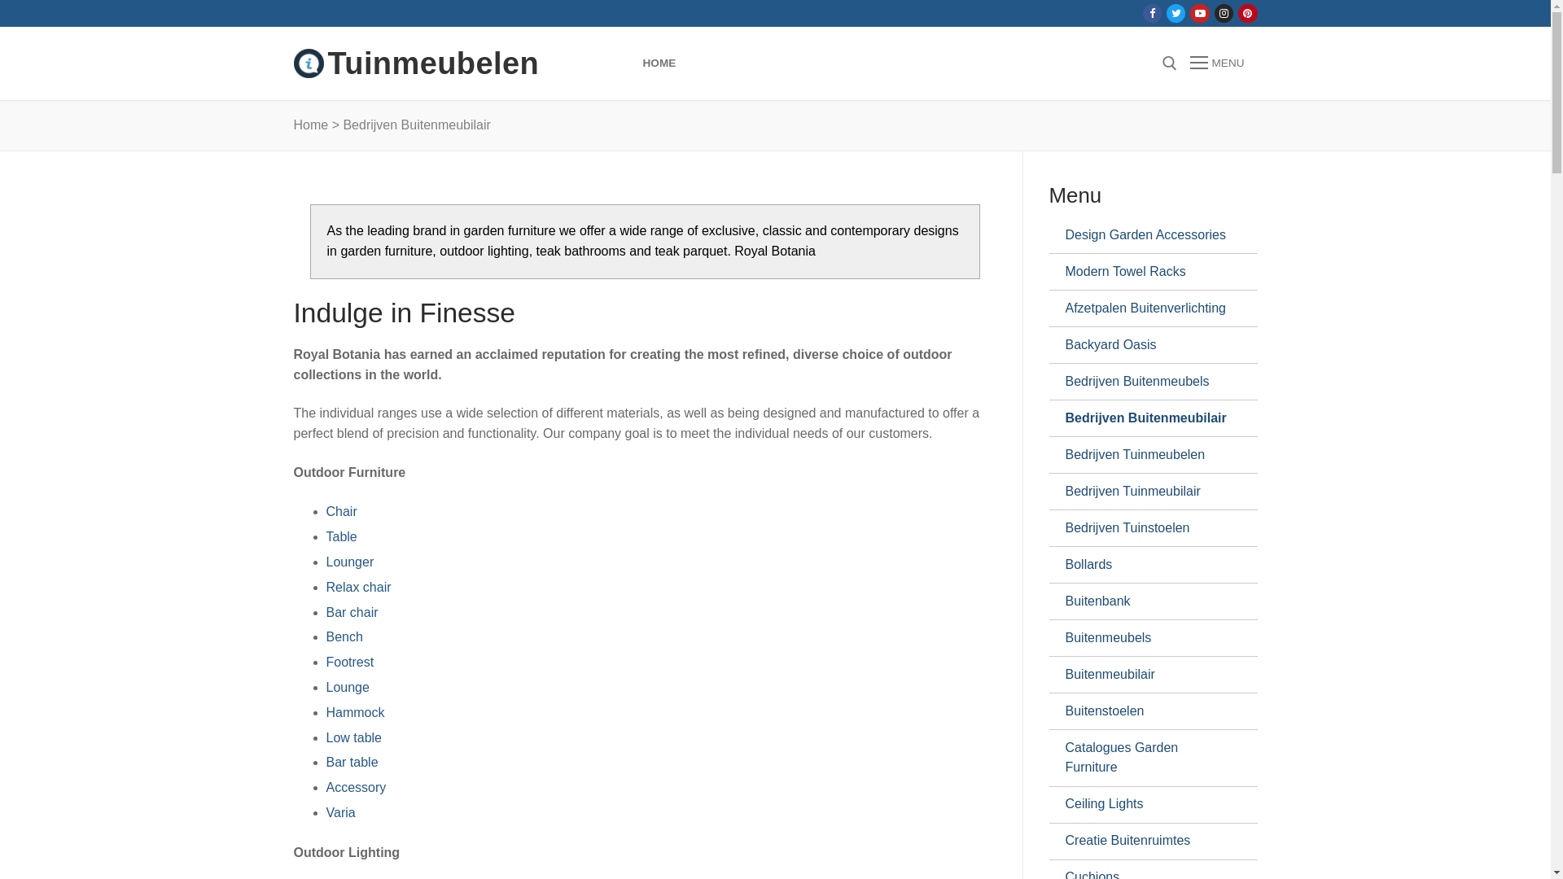 The image size is (1563, 879). What do you see at coordinates (325, 762) in the screenshot?
I see `'Bar table'` at bounding box center [325, 762].